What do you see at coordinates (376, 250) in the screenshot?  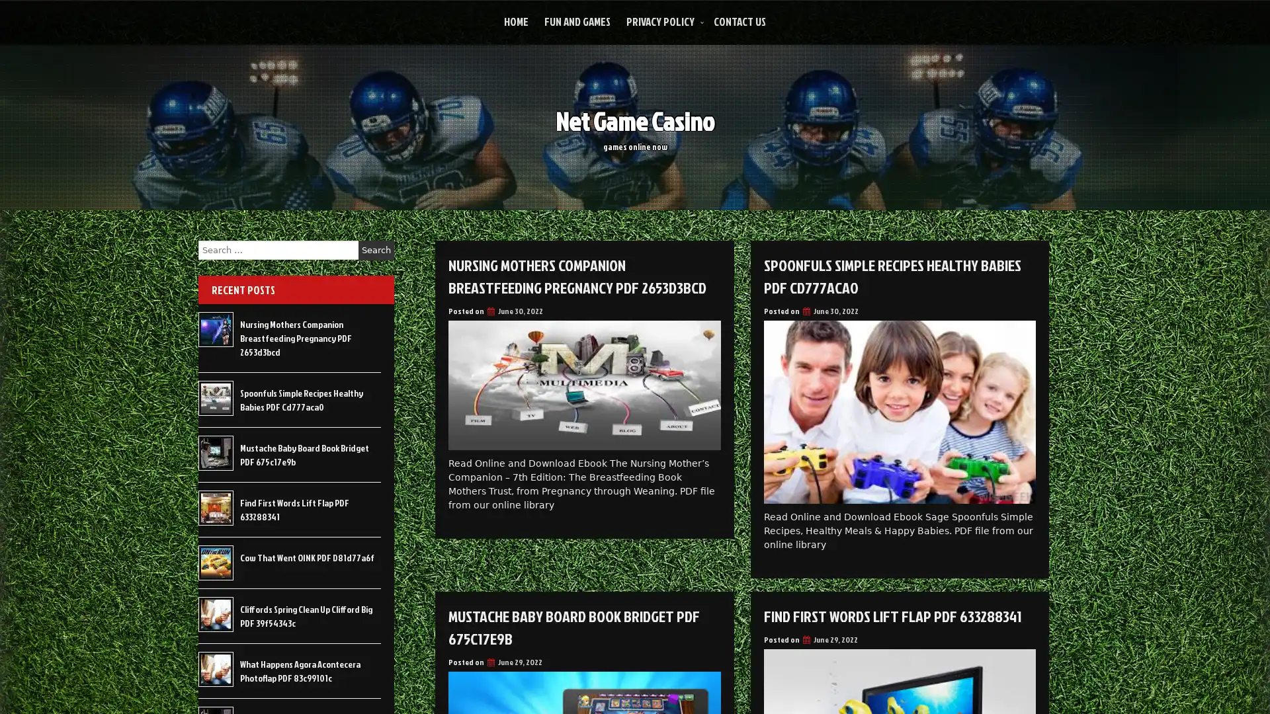 I see `Search` at bounding box center [376, 250].